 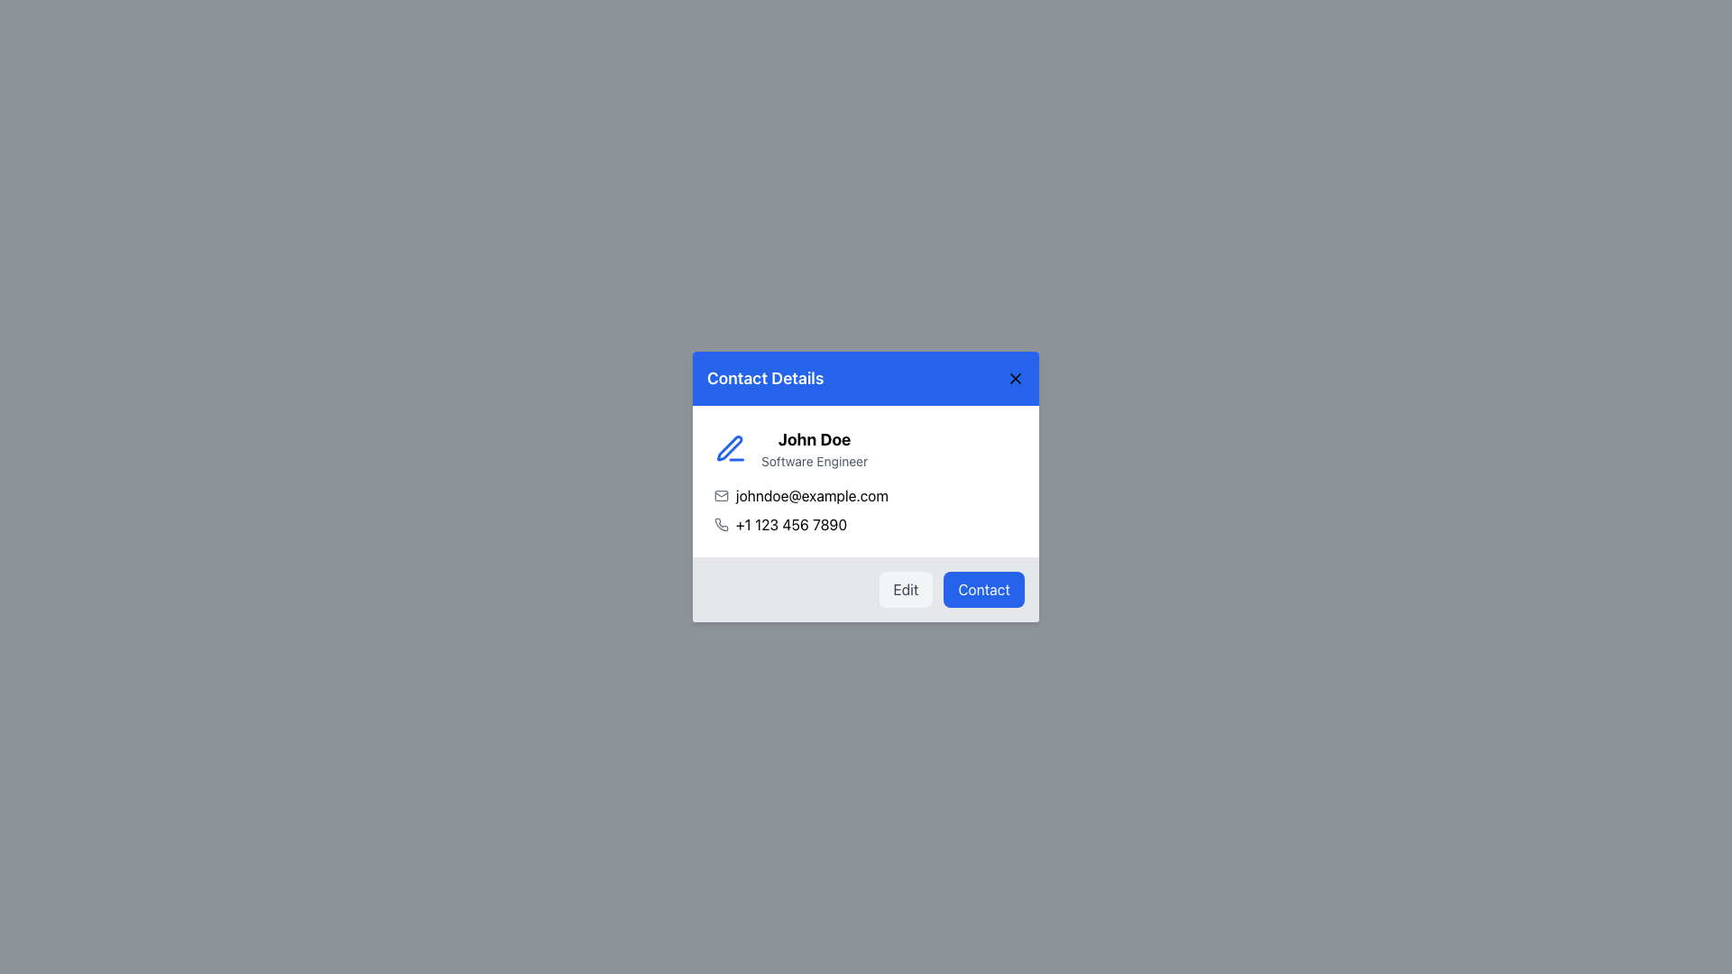 What do you see at coordinates (722, 496) in the screenshot?
I see `the email icon located to the left of 'johndoe@example.com' in the contact details card, which serves as a decorative representation of the email address` at bounding box center [722, 496].